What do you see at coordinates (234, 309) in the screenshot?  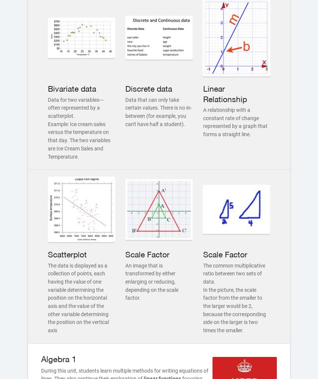 I see `'In the picture, the scale factor from the smaller to the larger would be 2, because the corresponding side on the larger is two times the smaller.'` at bounding box center [234, 309].